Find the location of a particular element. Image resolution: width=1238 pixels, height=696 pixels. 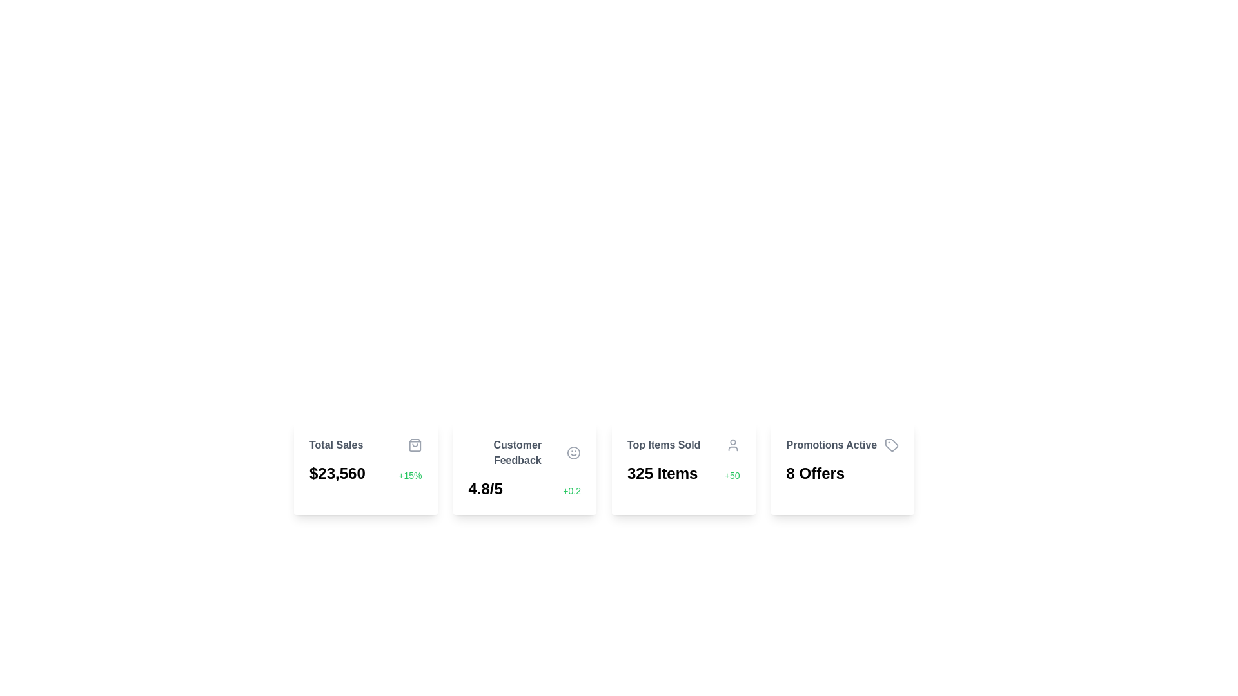

the tag or label icon located in the 'Promotions Active' section, which is displayed in a gray outlined style and positioned to the left of the active promotions count is located at coordinates (890, 444).